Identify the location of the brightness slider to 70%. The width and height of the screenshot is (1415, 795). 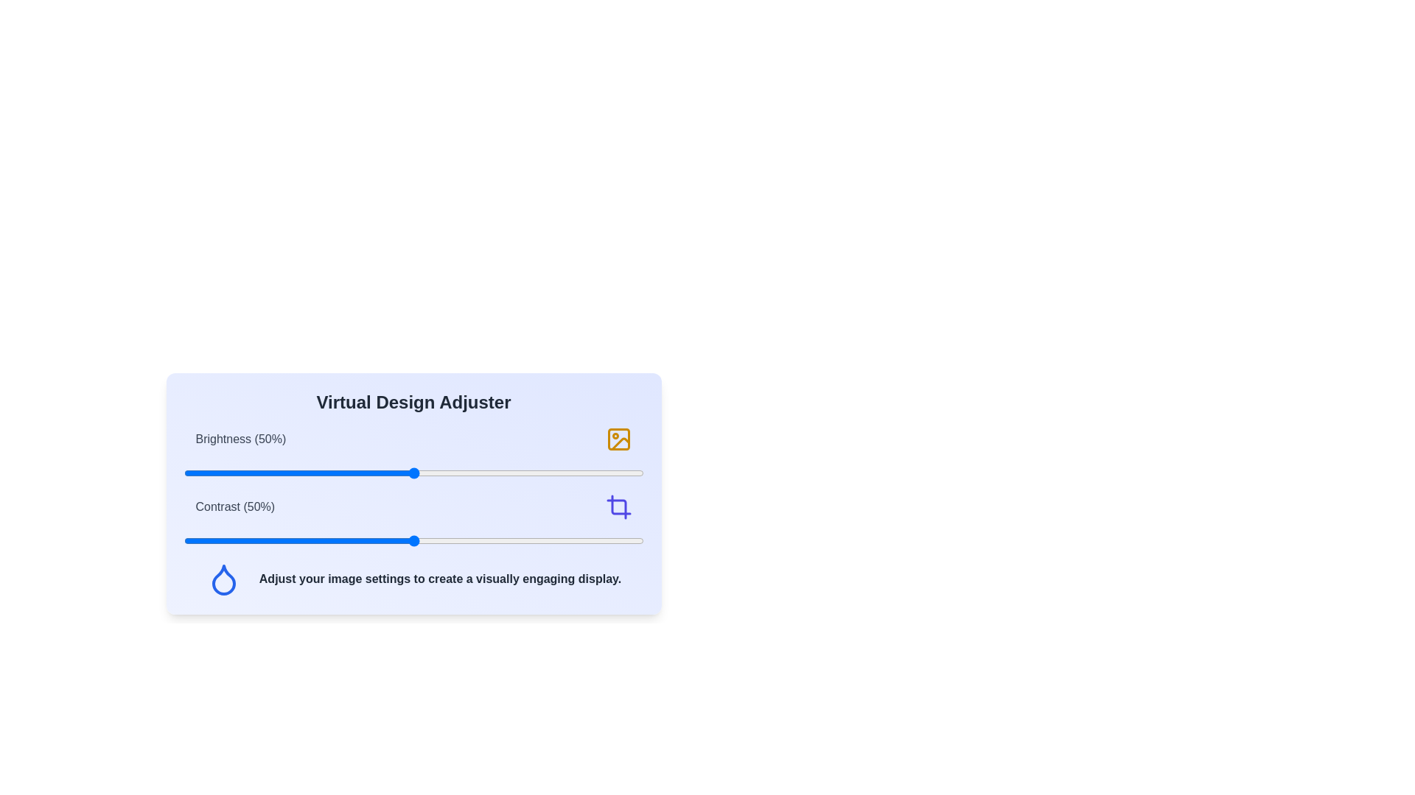
(506, 473).